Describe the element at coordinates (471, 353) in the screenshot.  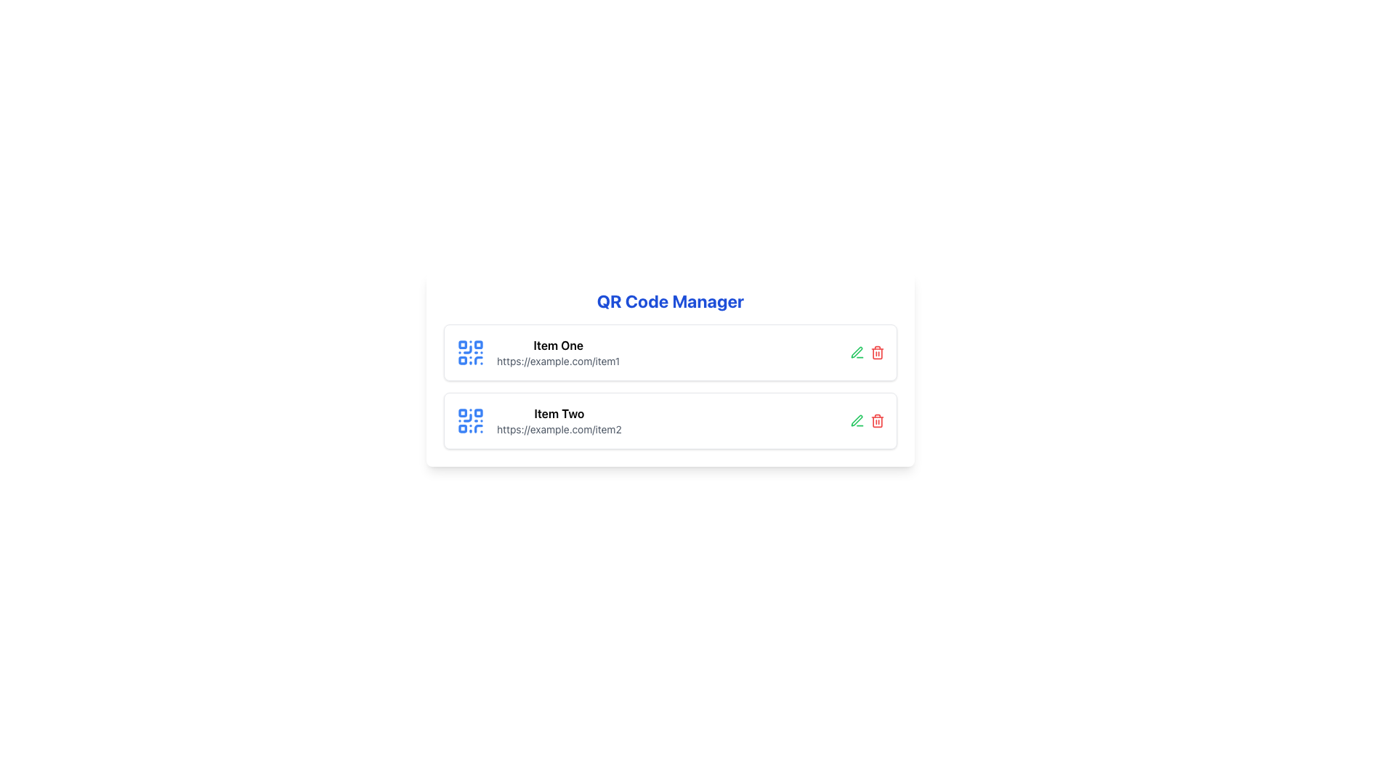
I see `the QR code icon with a blue design on a white background, located to the left of 'Item One' in the vertical list` at that location.